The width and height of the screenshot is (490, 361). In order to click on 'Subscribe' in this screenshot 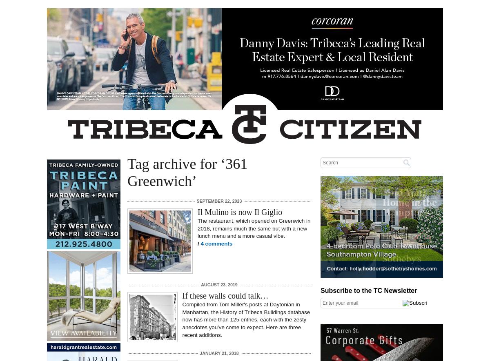, I will do `click(323, 285)`.